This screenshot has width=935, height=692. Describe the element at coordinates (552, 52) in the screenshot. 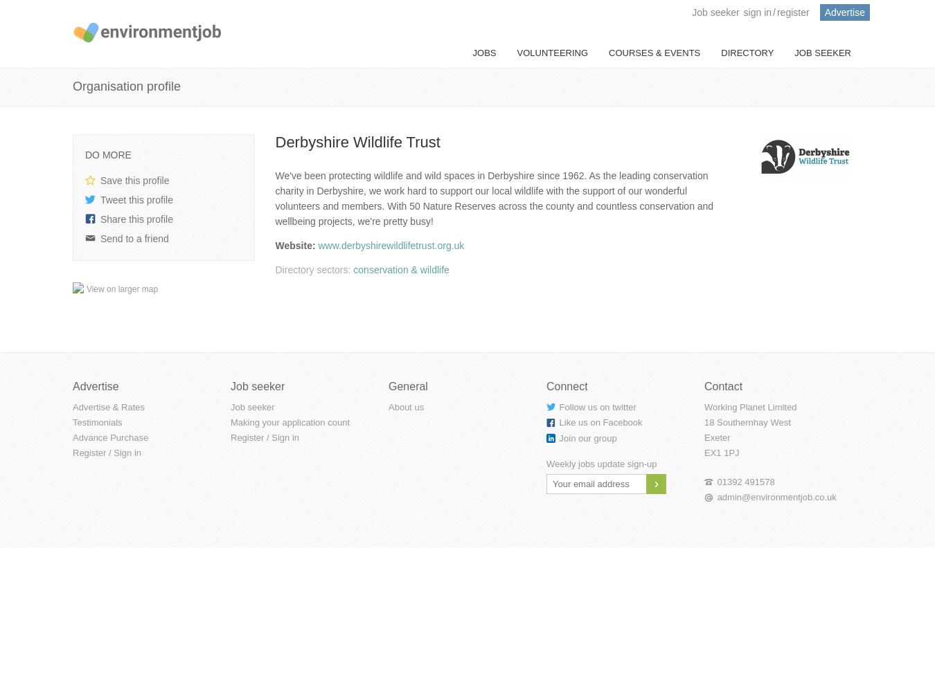

I see `'Volunteering'` at that location.